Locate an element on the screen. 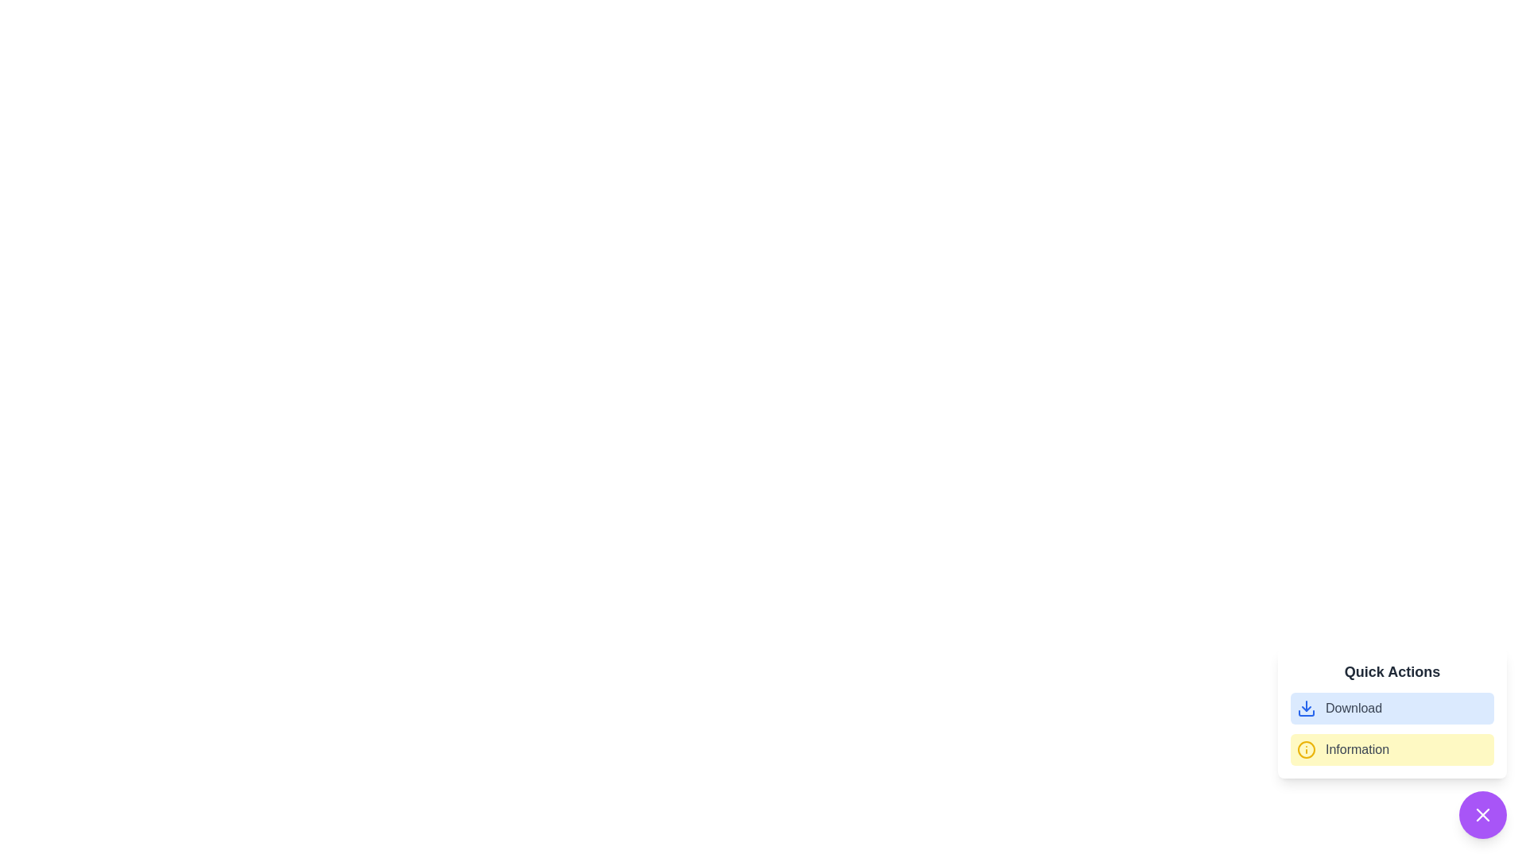  the blue downward arrow icon within the 'Download' button located in the 'Quick Actions' section is located at coordinates (1306, 707).